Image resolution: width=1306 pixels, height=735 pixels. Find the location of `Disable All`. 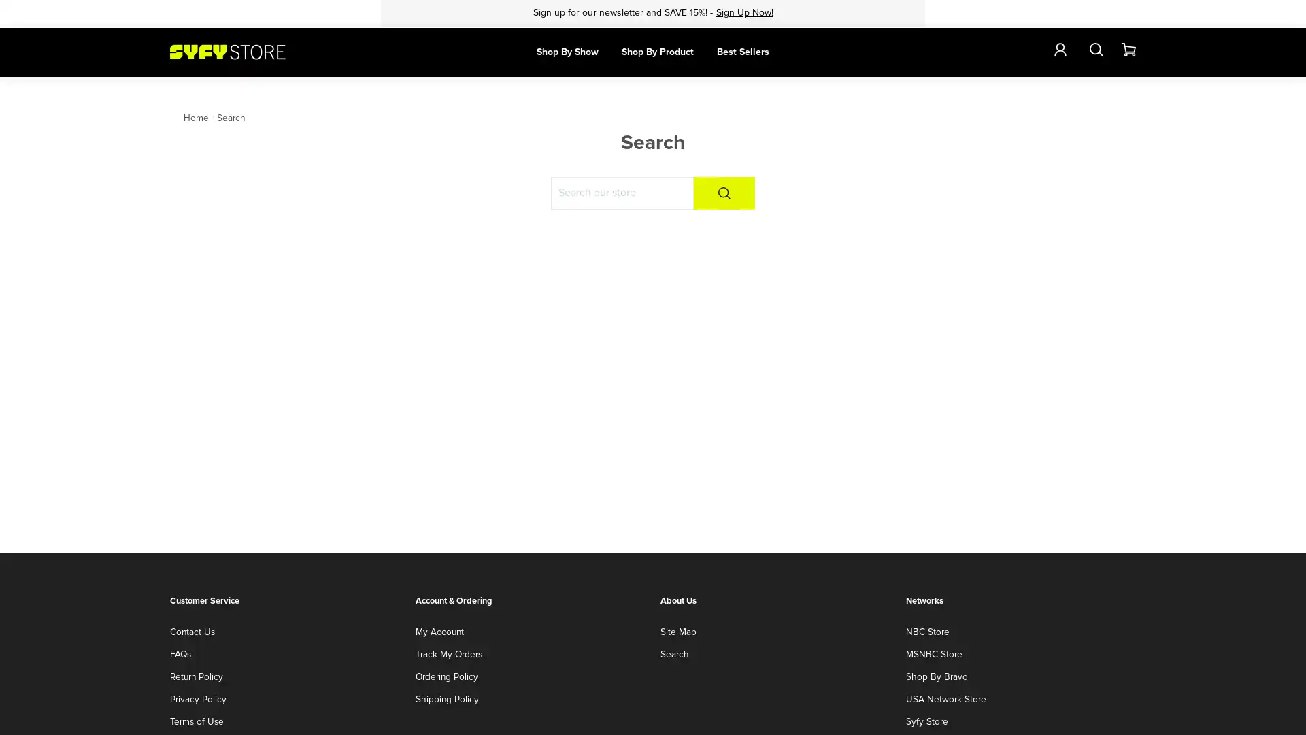

Disable All is located at coordinates (1047, 710).